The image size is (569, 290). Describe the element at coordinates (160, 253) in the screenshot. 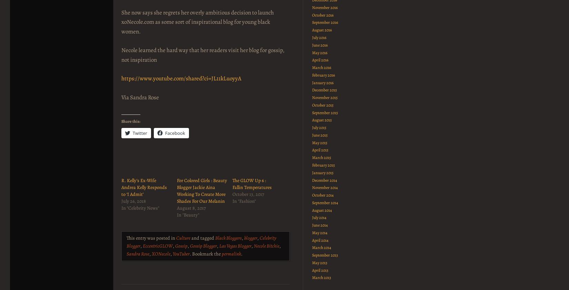

I see `'XONecole'` at that location.